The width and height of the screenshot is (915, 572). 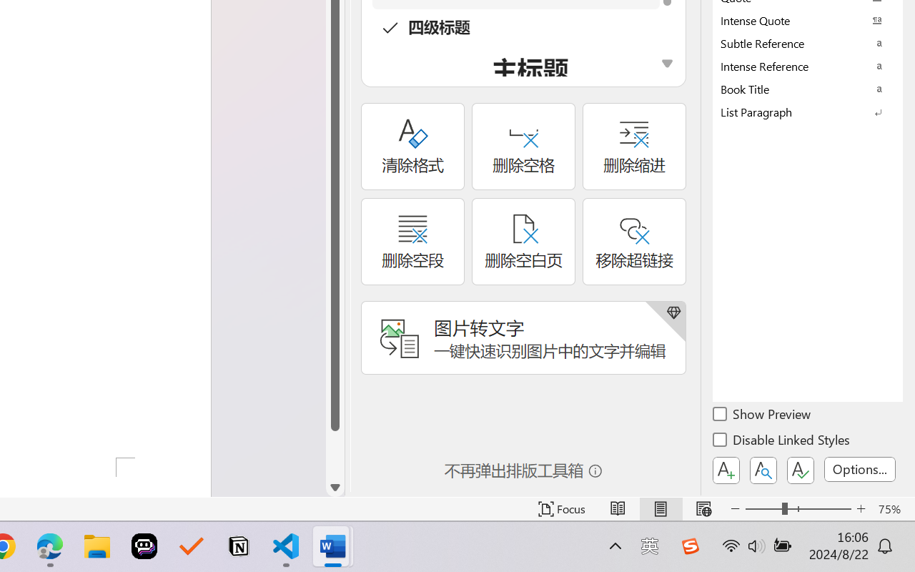 I want to click on 'Print Layout', so click(x=660, y=508).